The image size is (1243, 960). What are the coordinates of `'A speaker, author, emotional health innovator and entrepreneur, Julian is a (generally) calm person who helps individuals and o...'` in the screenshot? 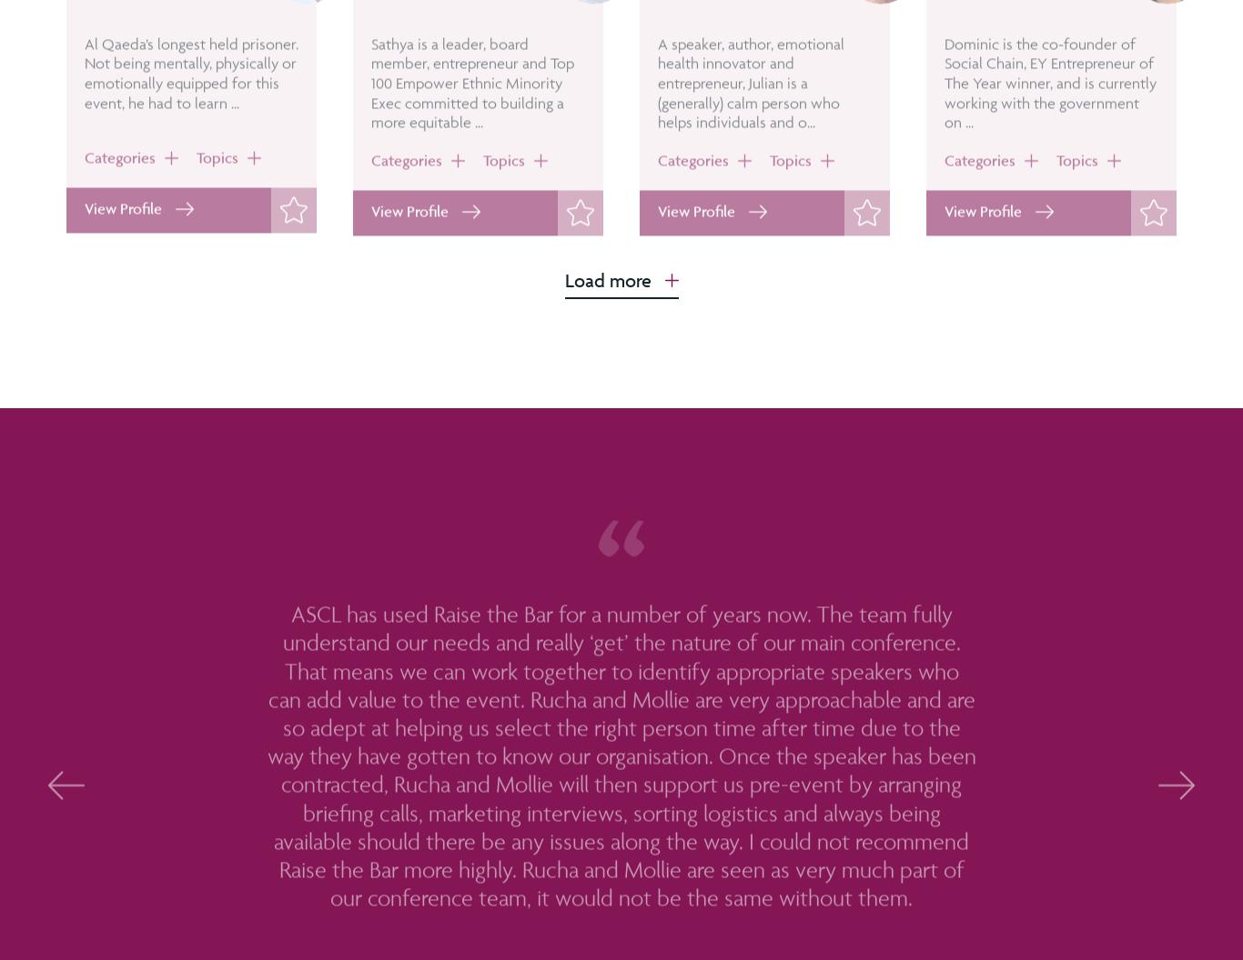 It's located at (750, 134).